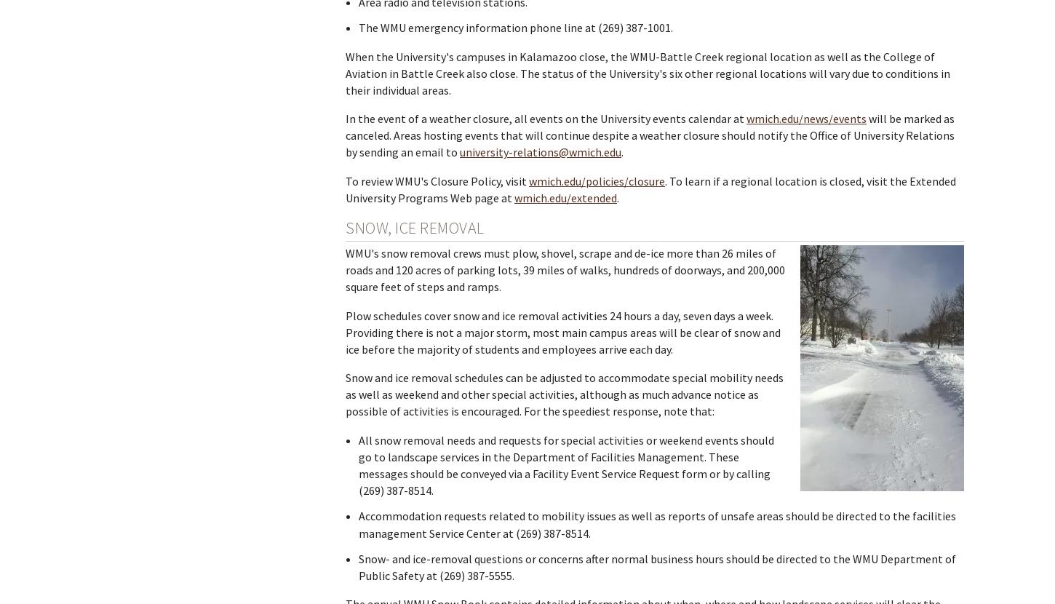 This screenshot has width=1055, height=604. What do you see at coordinates (540, 151) in the screenshot?
I see `'university-relations@wmich.edu'` at bounding box center [540, 151].